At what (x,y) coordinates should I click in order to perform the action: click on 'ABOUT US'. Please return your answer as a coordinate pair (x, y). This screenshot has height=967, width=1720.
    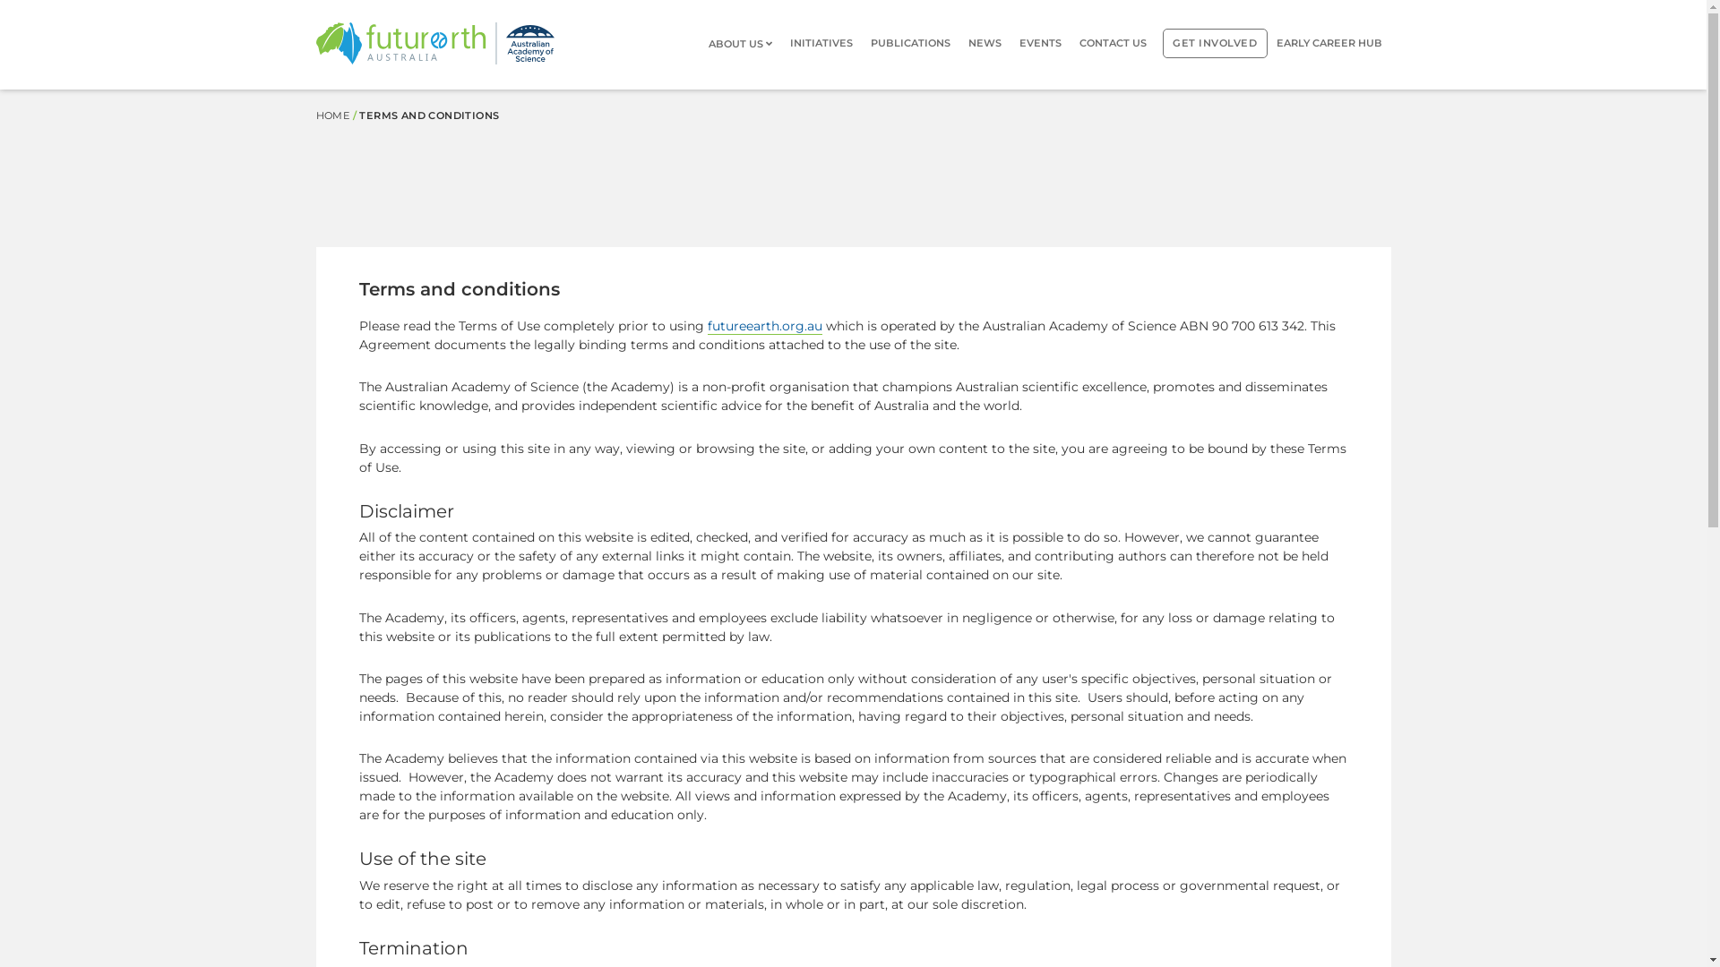
    Looking at the image, I should click on (744, 43).